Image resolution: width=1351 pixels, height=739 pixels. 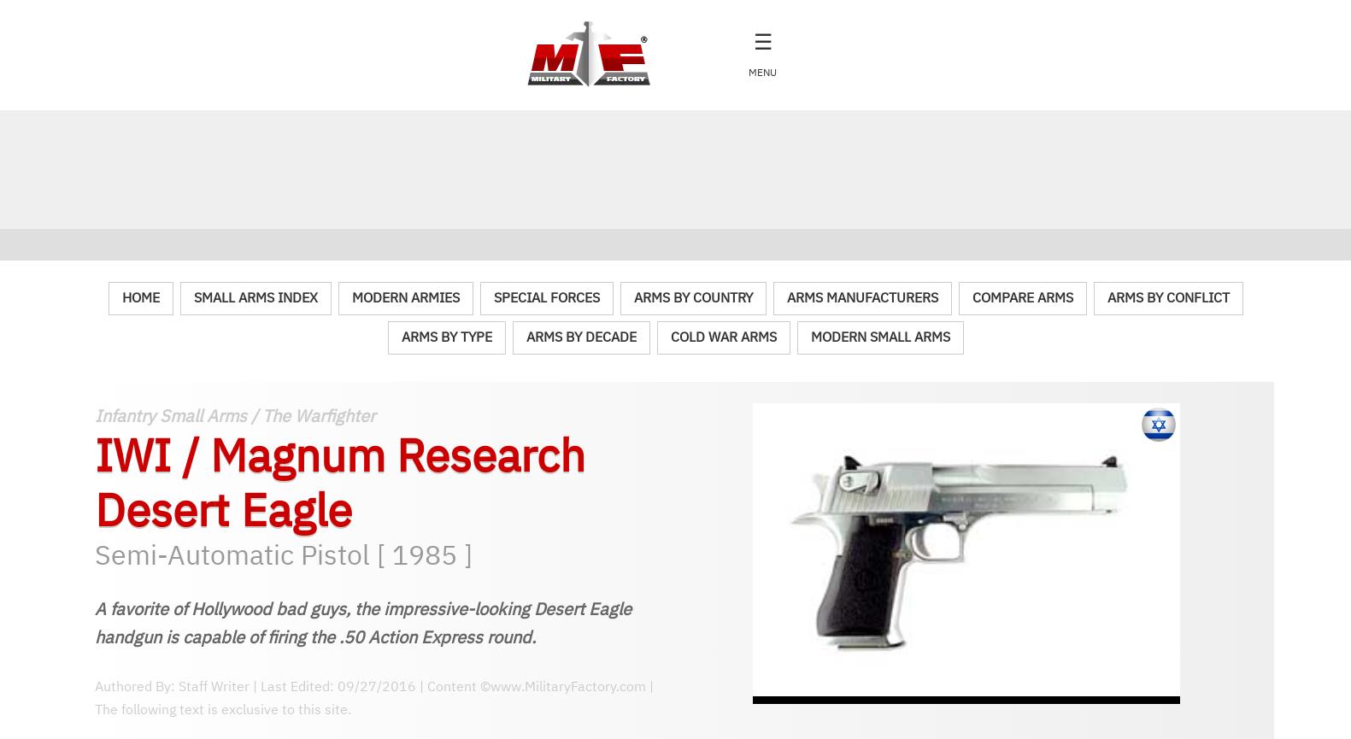 What do you see at coordinates (191, 445) in the screenshot?
I see `'Israel; United States'` at bounding box center [191, 445].